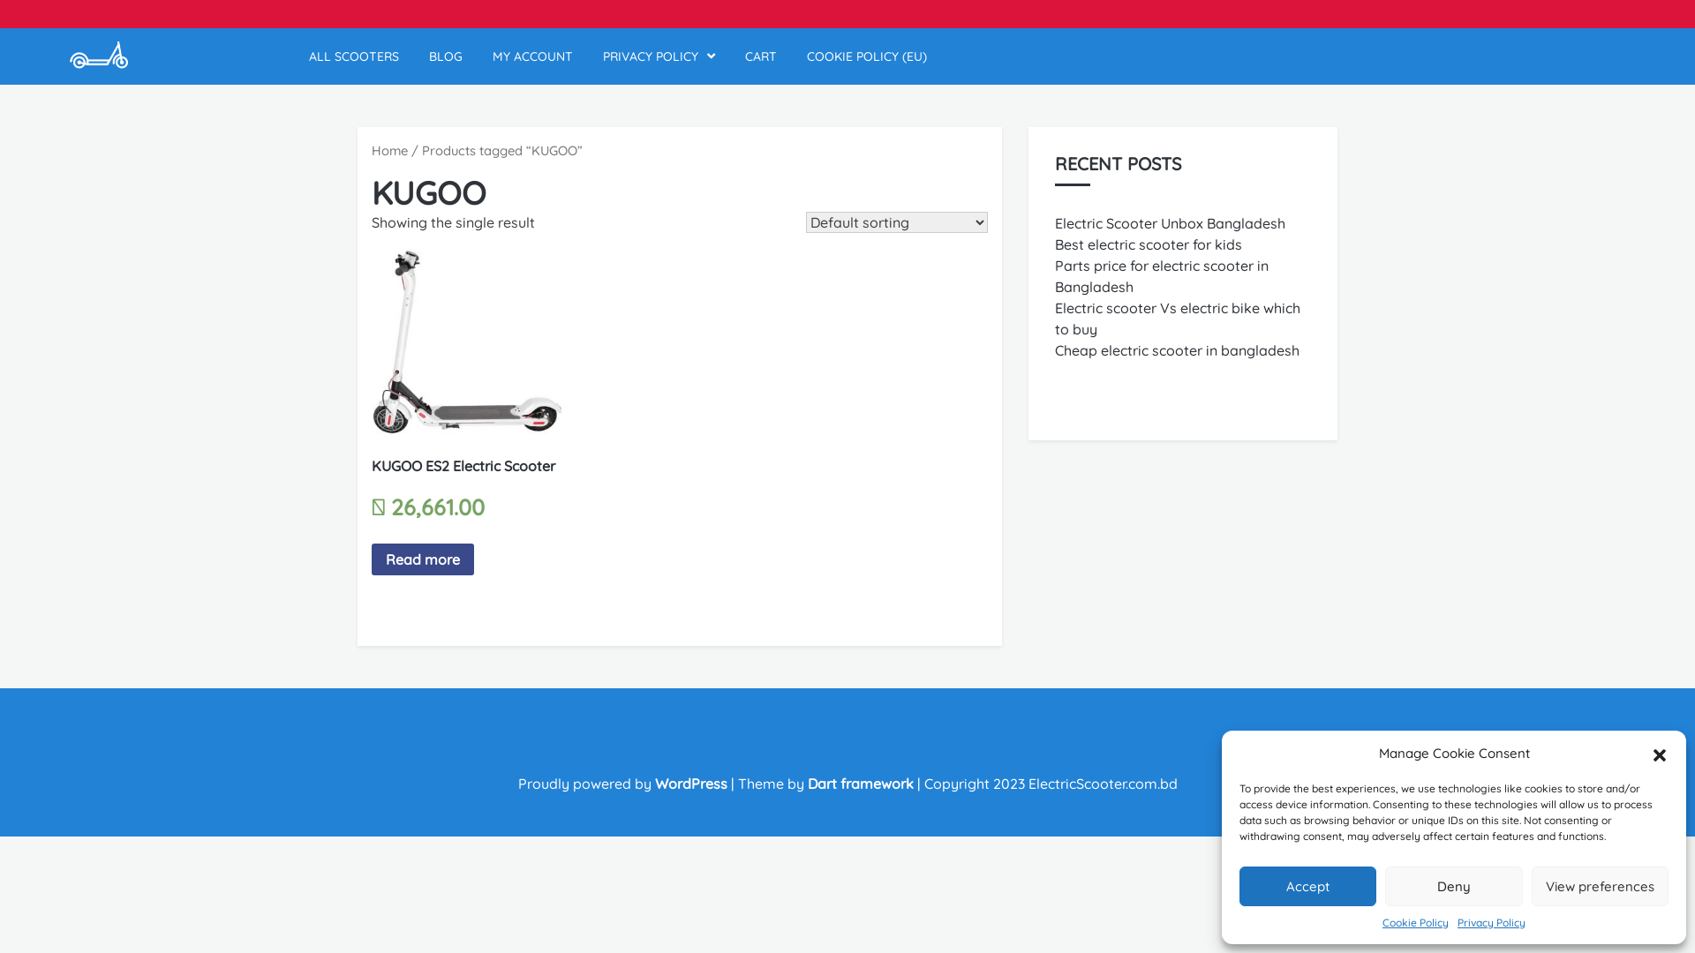 This screenshot has width=1695, height=953. Describe the element at coordinates (531, 56) in the screenshot. I see `'MY ACCOUNT'` at that location.